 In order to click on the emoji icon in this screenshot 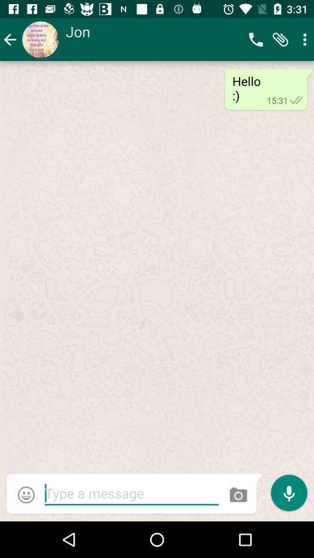, I will do `click(26, 495)`.